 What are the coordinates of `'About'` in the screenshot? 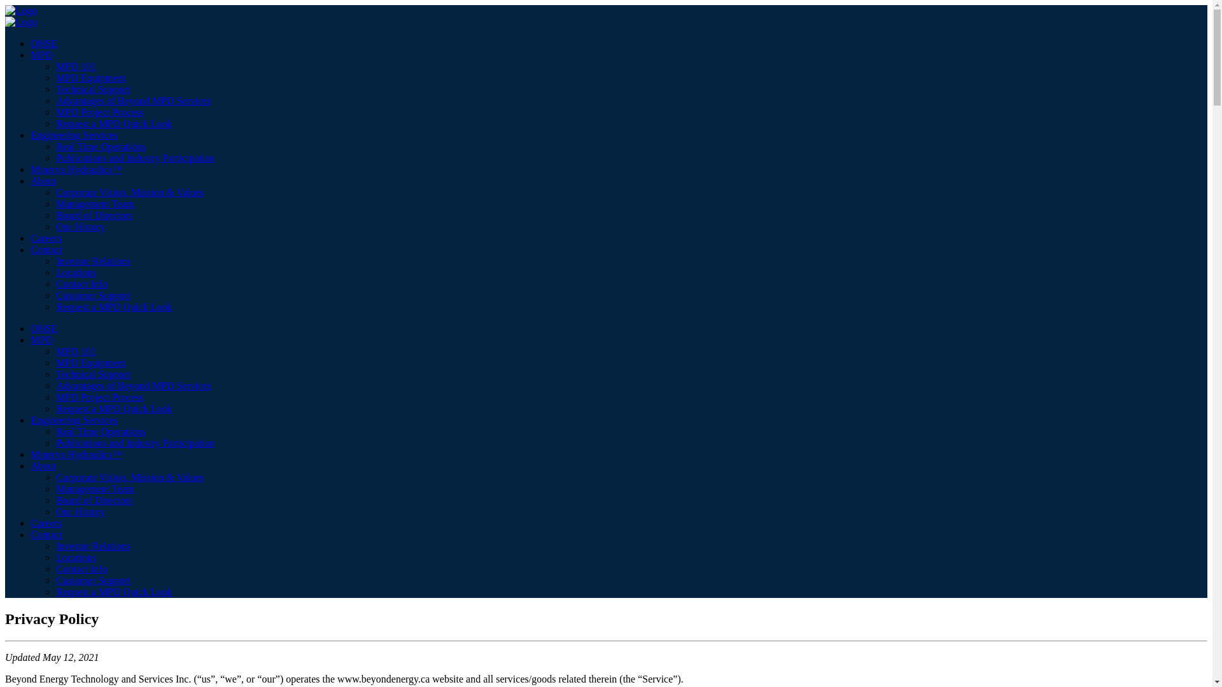 It's located at (43, 466).